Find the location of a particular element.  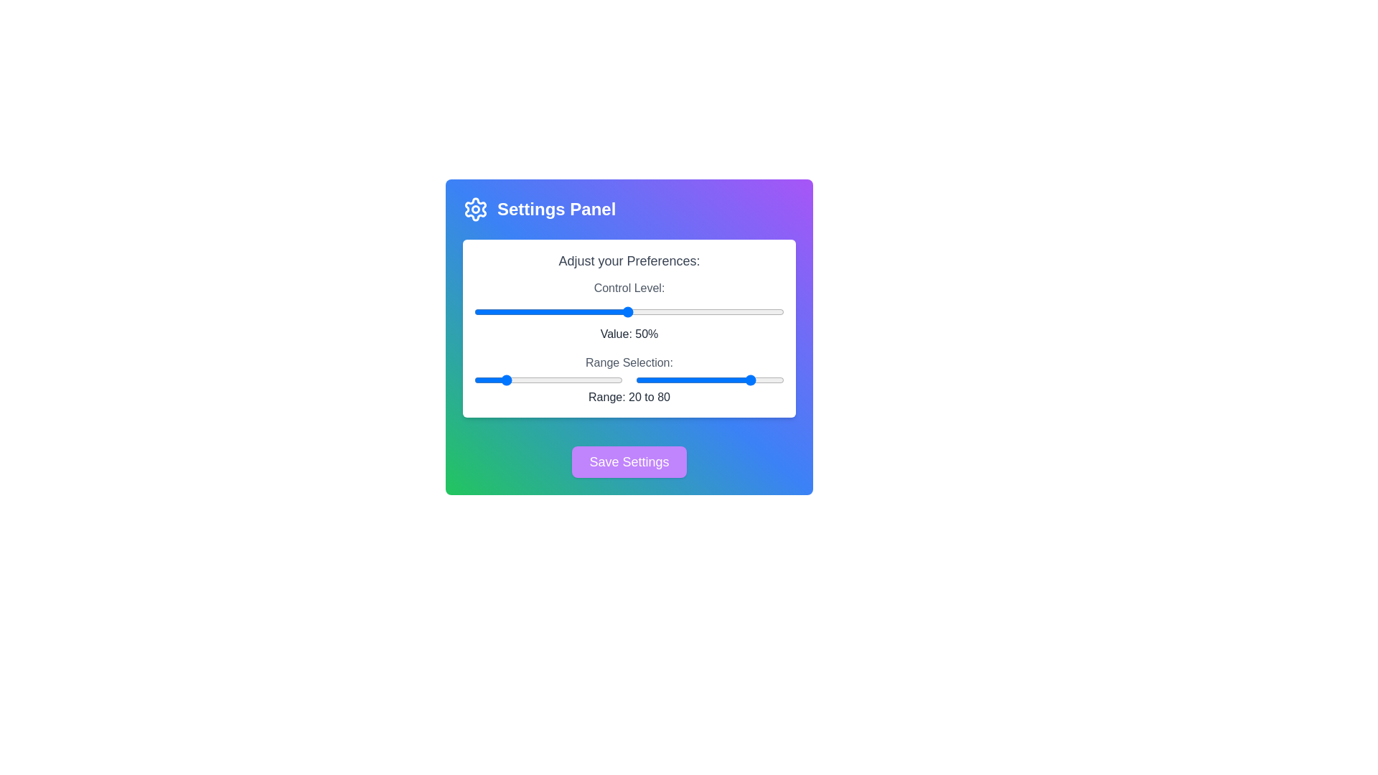

the save settings button located at the bottom-center of the control panel is located at coordinates (629, 462).